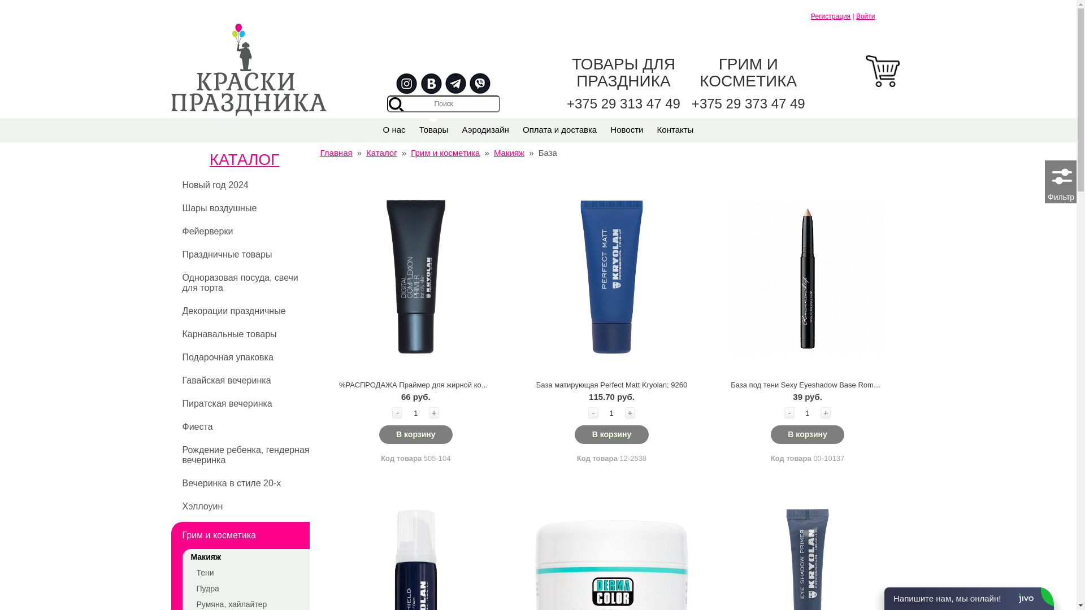 This screenshot has height=610, width=1085. Describe the element at coordinates (788, 413) in the screenshot. I see `'-'` at that location.